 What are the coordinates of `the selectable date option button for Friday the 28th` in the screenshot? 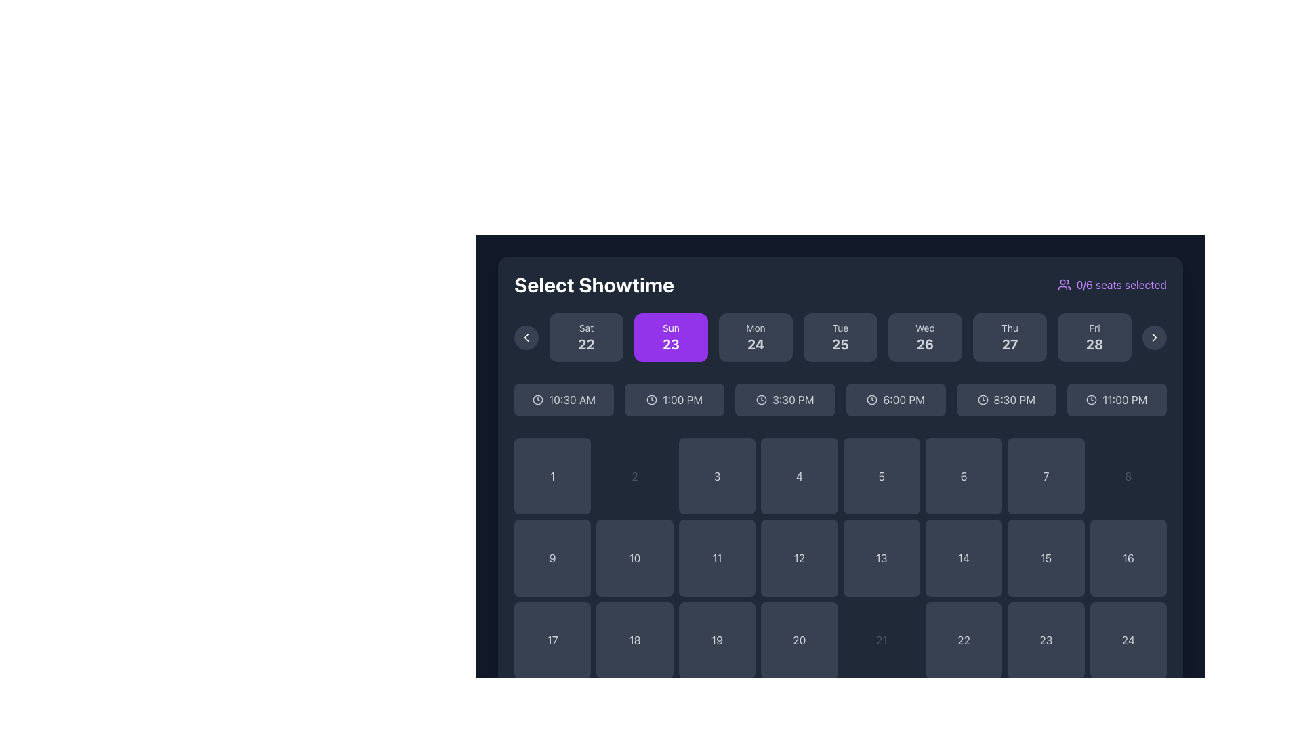 It's located at (1094, 336).